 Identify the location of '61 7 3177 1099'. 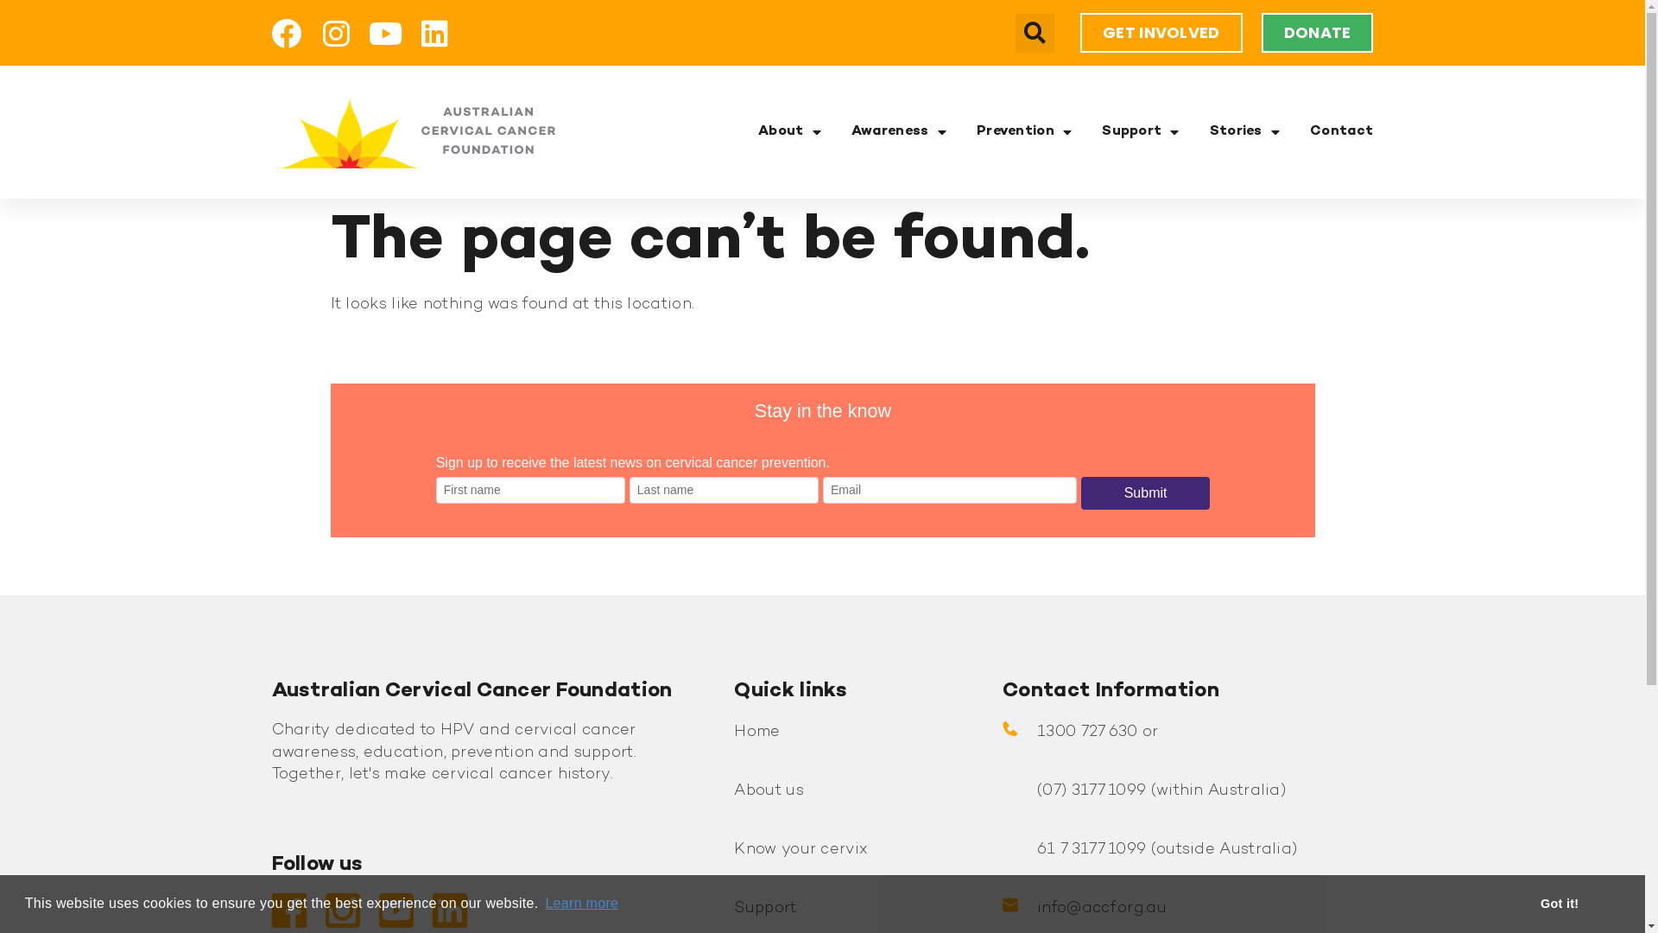
(1036, 848).